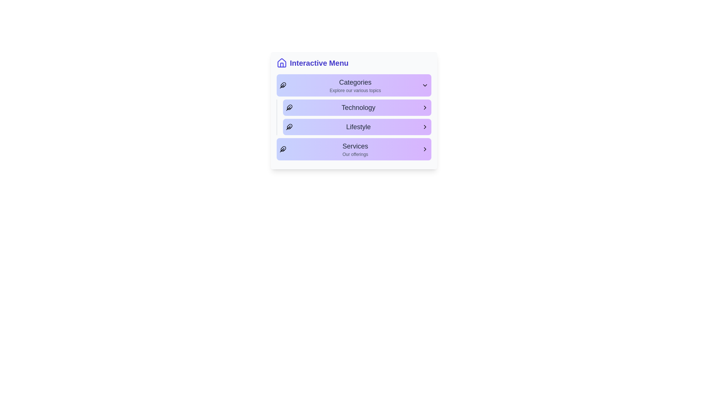 The image size is (714, 401). I want to click on the 'Technology' button, which is a horizontally stretched rectangular button with a gradient background and bold text, so click(357, 107).